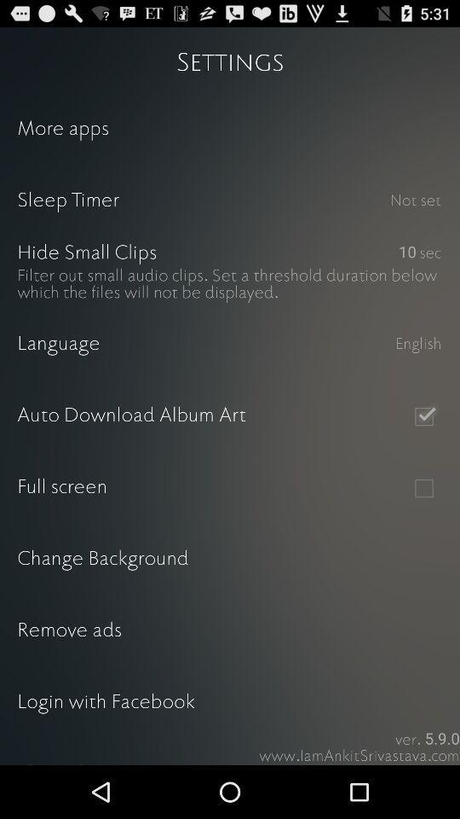 Image resolution: width=460 pixels, height=819 pixels. What do you see at coordinates (230, 703) in the screenshot?
I see `the login with facebook item` at bounding box center [230, 703].